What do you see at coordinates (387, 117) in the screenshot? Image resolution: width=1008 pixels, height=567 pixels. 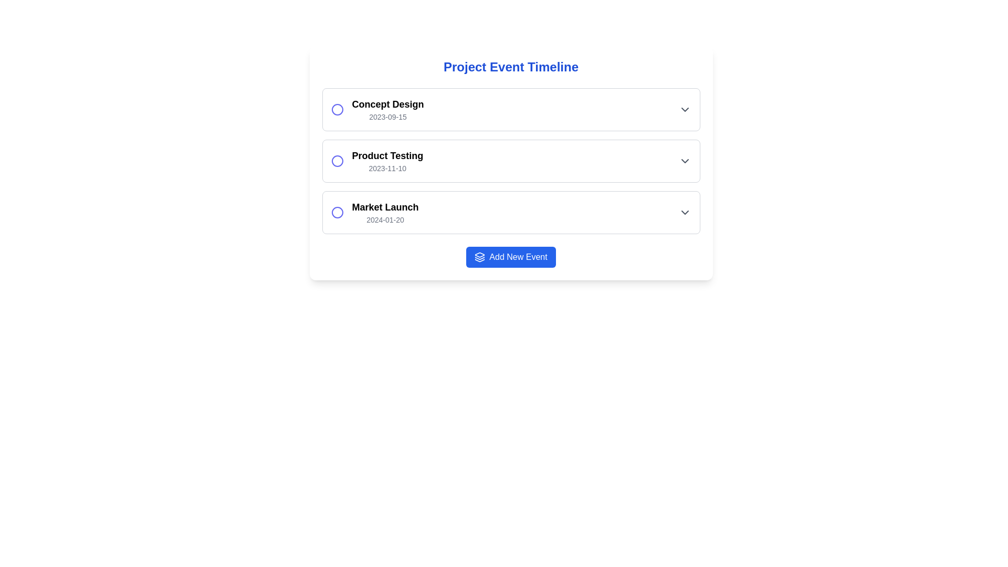 I see `the text label displaying the date '2023-09-15', which is styled with a small font size and gray text color, located directly underneath 'Concept Design'` at bounding box center [387, 117].